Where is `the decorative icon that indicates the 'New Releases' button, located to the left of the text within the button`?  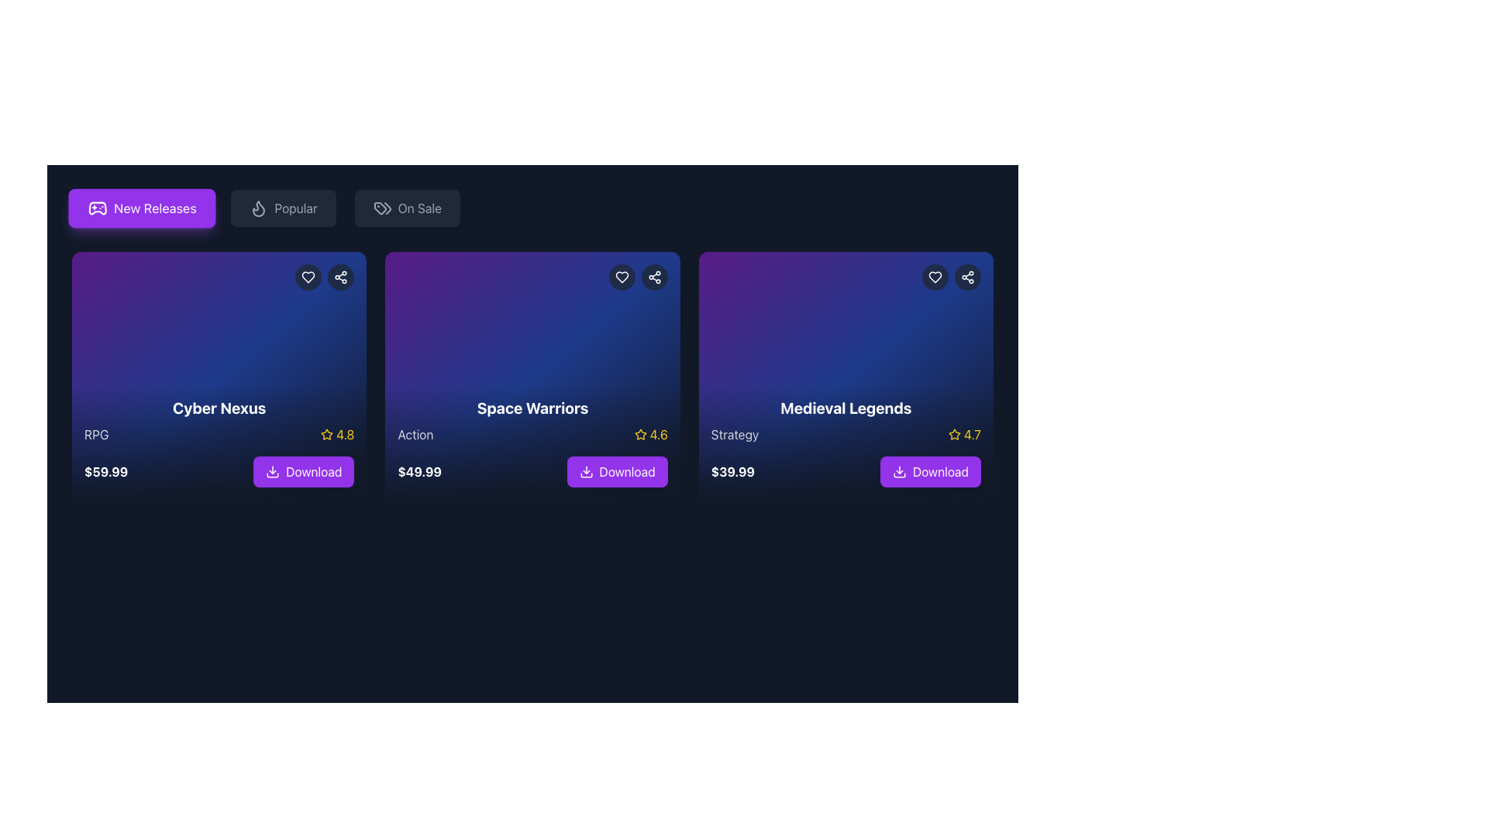
the decorative icon that indicates the 'New Releases' button, located to the left of the text within the button is located at coordinates (97, 208).